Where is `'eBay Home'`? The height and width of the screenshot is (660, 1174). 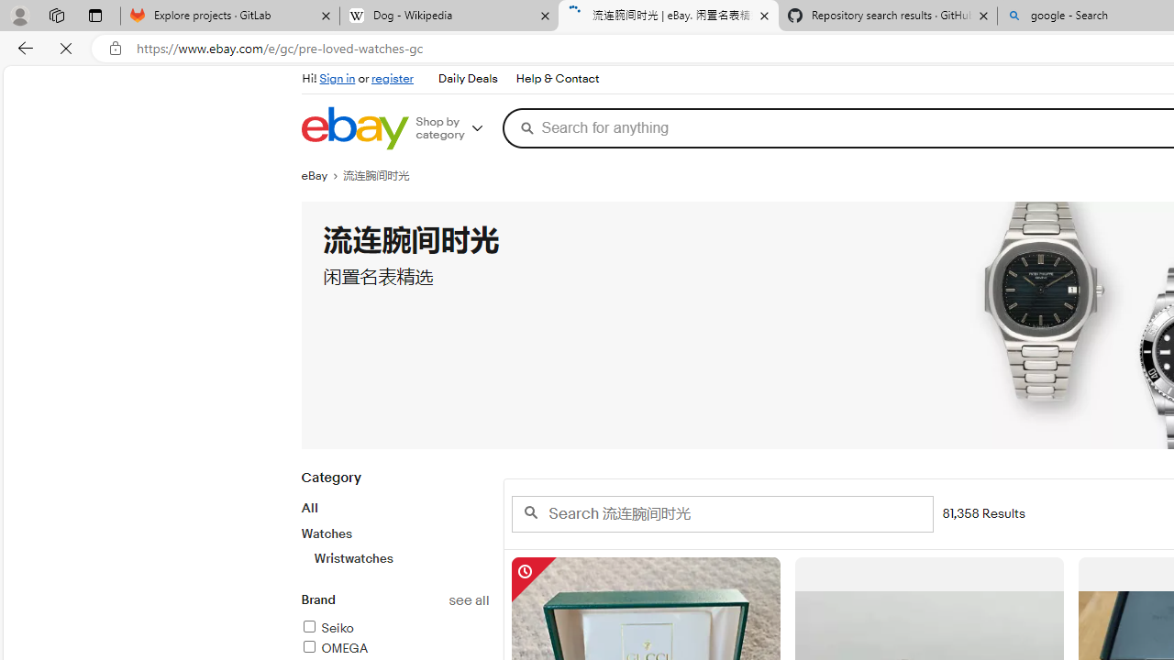 'eBay Home' is located at coordinates (354, 127).